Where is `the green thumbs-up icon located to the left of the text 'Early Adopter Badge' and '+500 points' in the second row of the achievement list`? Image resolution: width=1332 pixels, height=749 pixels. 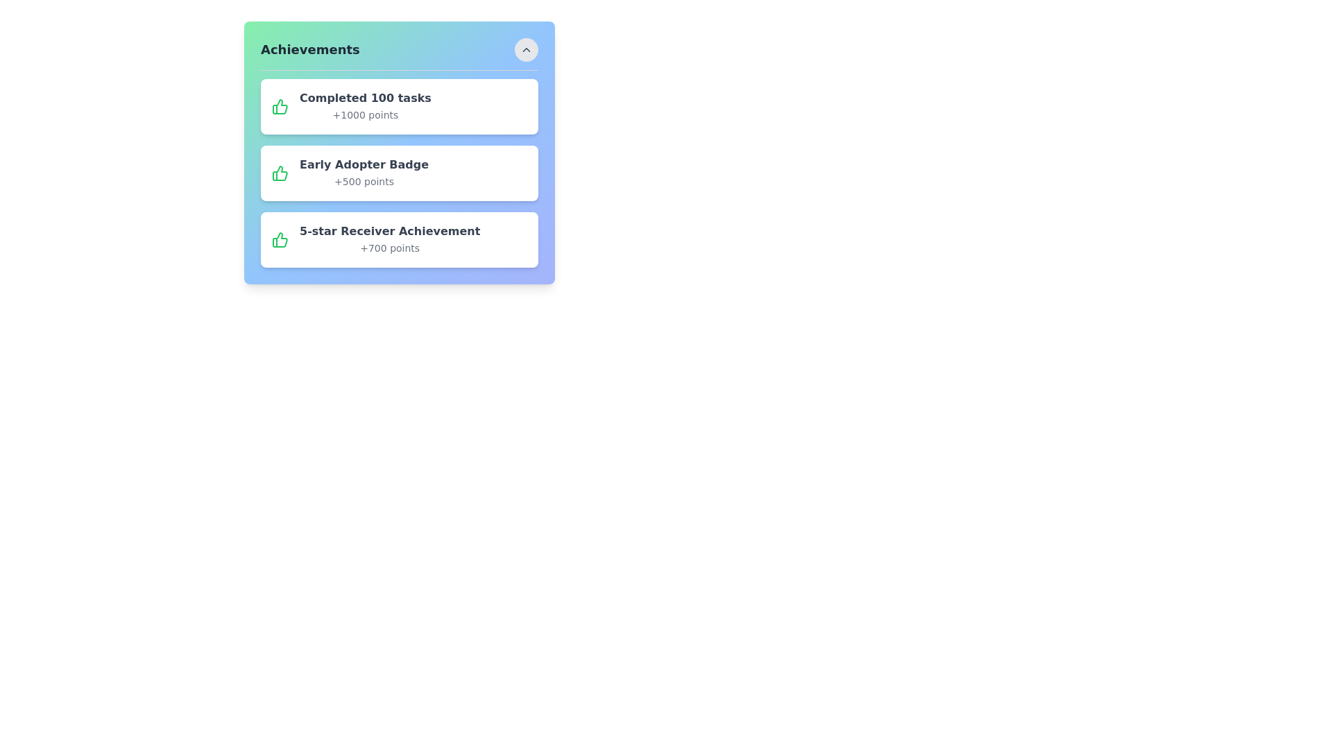
the green thumbs-up icon located to the left of the text 'Early Adopter Badge' and '+500 points' in the second row of the achievement list is located at coordinates (279, 173).